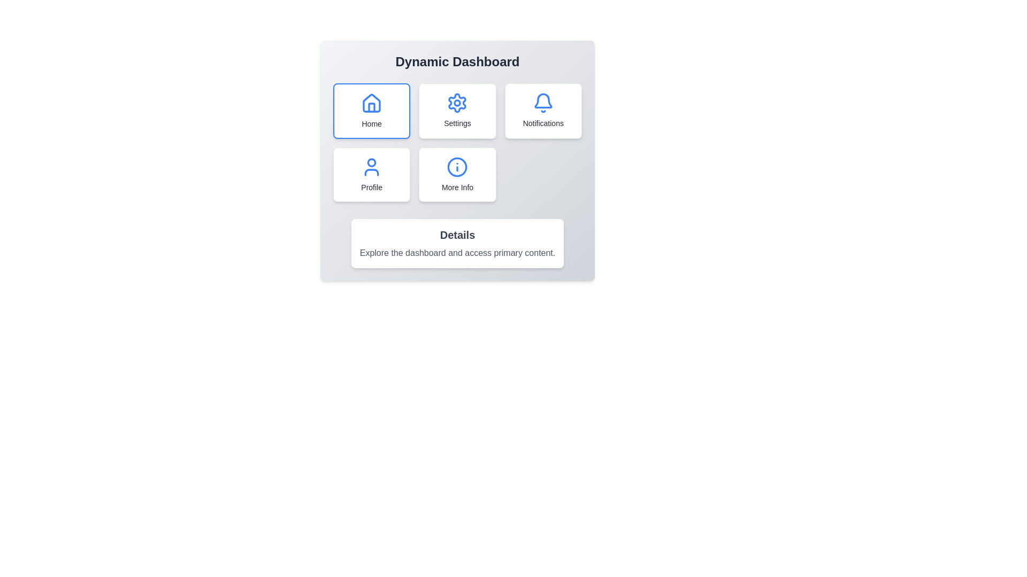 Image resolution: width=1027 pixels, height=577 pixels. I want to click on the circular user avatar icon with a blue outline located in the first column of the second row under the 'Dynamic Dashboard' heading, so click(372, 162).